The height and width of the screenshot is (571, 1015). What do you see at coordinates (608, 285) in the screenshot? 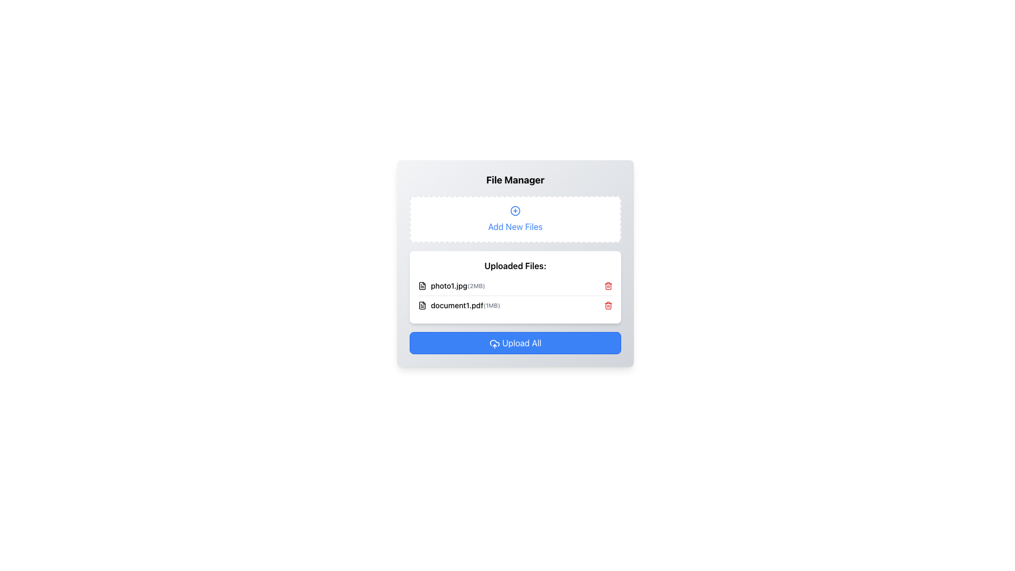
I see `the trashcan icon located to the right of the 'photo1.jpg' filename in the 'Uploaded Files' section` at bounding box center [608, 285].